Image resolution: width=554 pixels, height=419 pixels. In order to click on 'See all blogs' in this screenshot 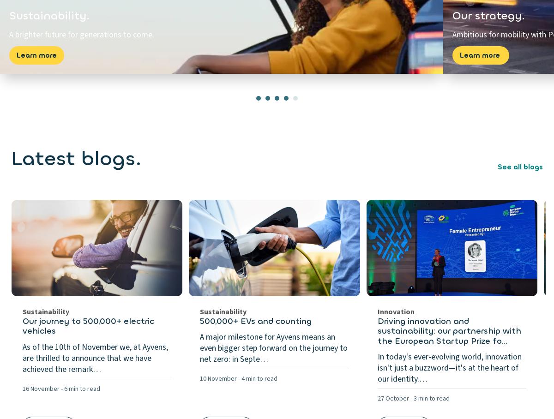, I will do `click(520, 167)`.